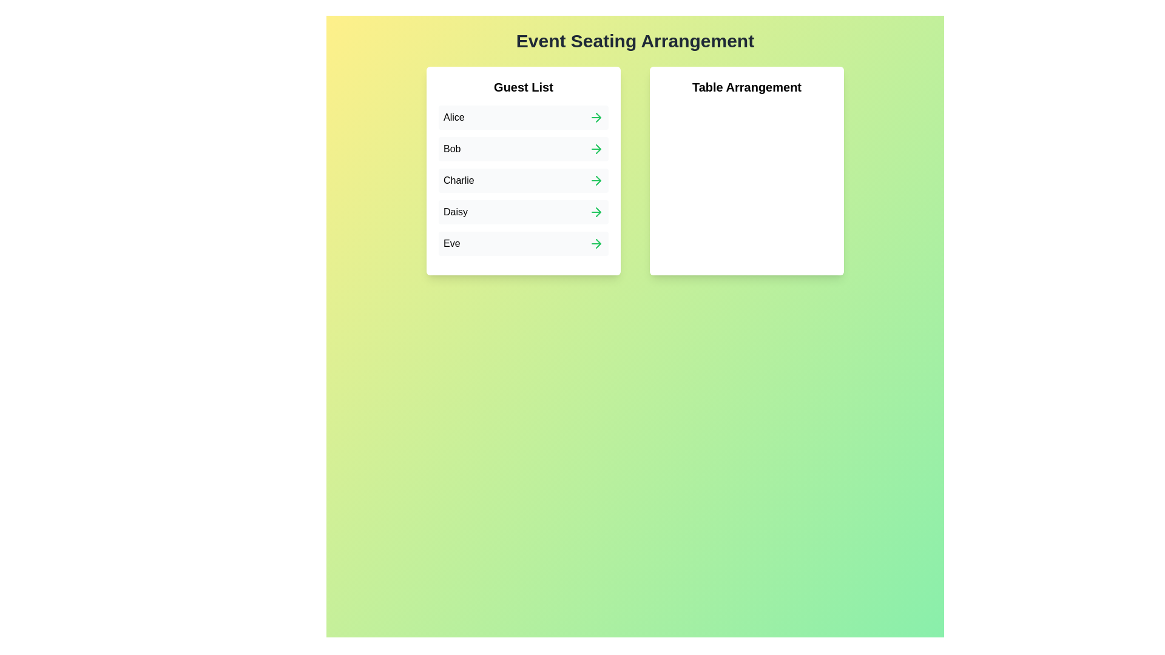 Image resolution: width=1165 pixels, height=655 pixels. I want to click on the arrow next to Charlie in the Guest List to add them to the Table Arrangement, so click(596, 180).